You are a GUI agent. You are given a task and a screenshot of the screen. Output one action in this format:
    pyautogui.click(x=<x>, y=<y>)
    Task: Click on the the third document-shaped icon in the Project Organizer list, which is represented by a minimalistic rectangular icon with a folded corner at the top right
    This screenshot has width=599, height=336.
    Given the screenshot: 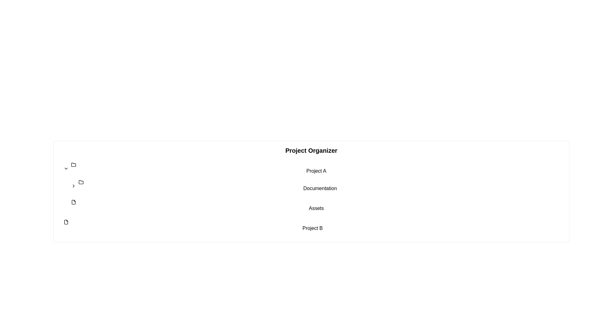 What is the action you would take?
    pyautogui.click(x=66, y=222)
    